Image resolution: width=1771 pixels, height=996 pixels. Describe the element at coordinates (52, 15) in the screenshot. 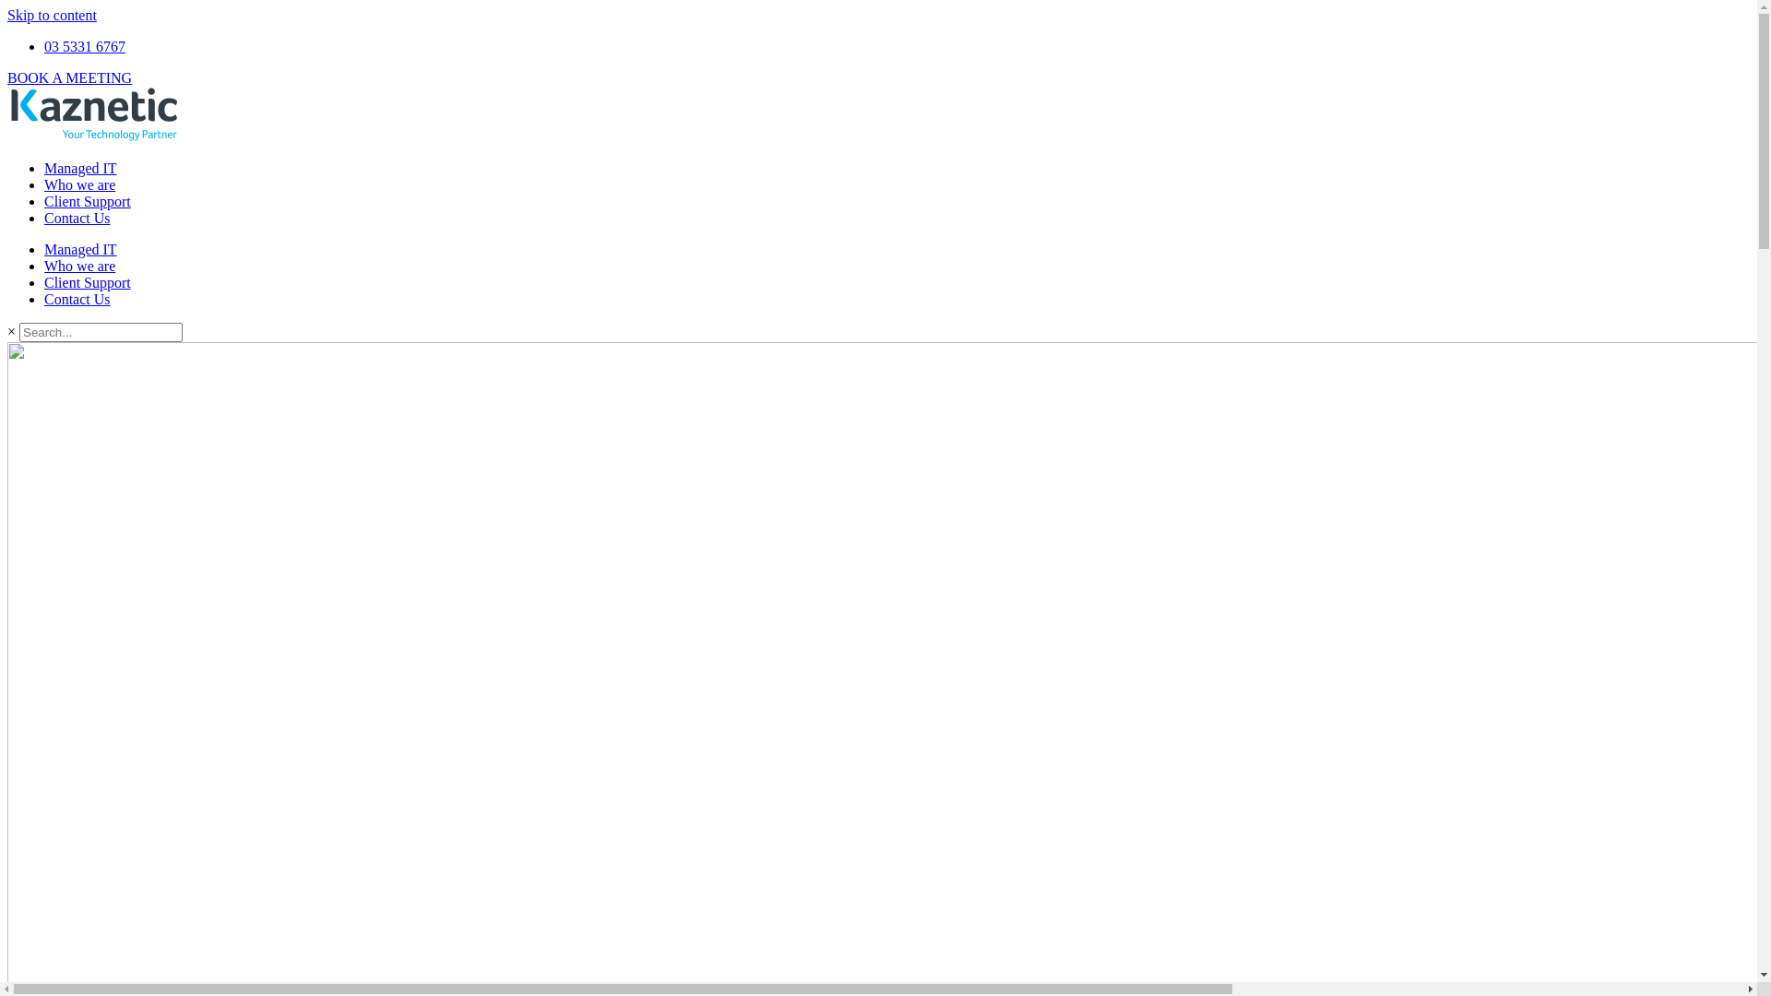

I see `'Skip to content'` at that location.